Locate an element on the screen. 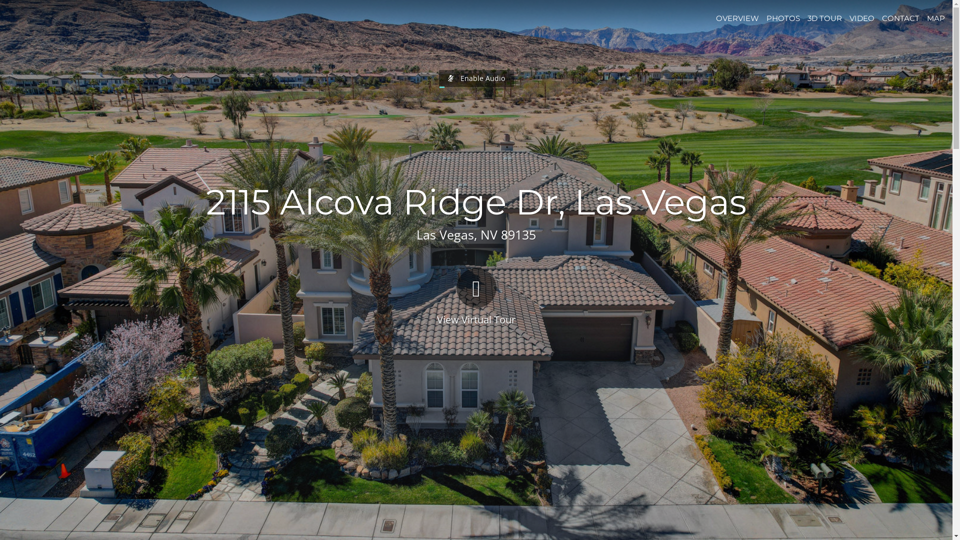 The image size is (960, 540). '3D TOUR' is located at coordinates (824, 18).